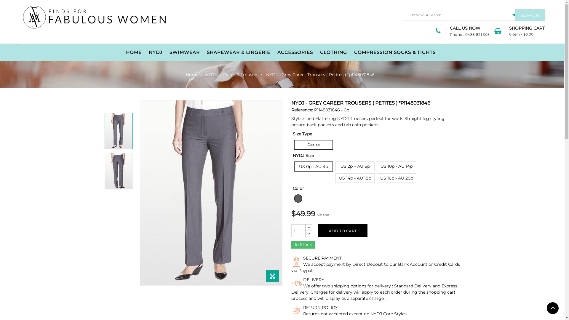 The width and height of the screenshot is (569, 320). Describe the element at coordinates (241, 74) in the screenshot. I see `'Flares & Trousers'` at that location.